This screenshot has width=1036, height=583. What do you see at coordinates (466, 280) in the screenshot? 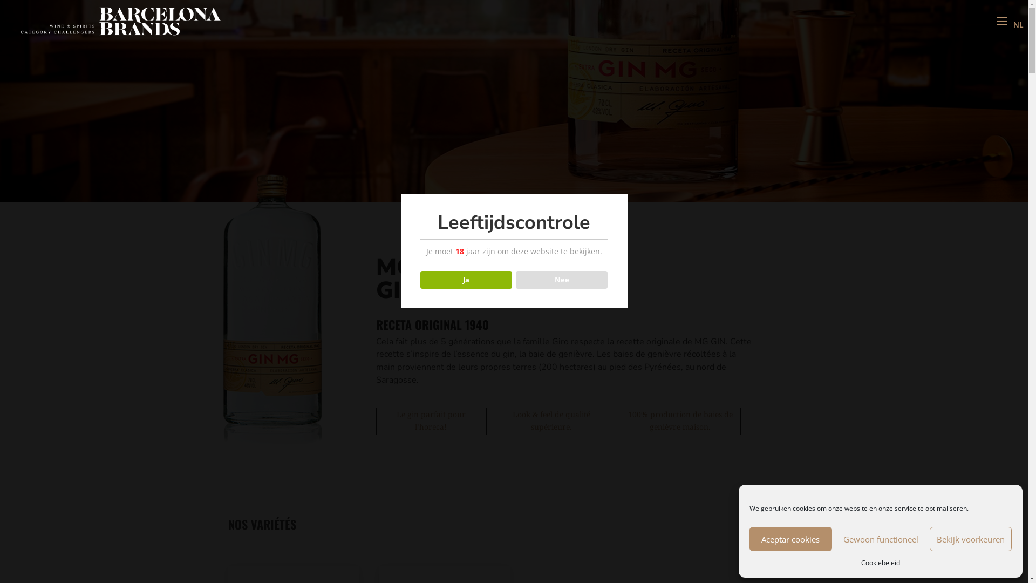
I see `'Ja'` at bounding box center [466, 280].